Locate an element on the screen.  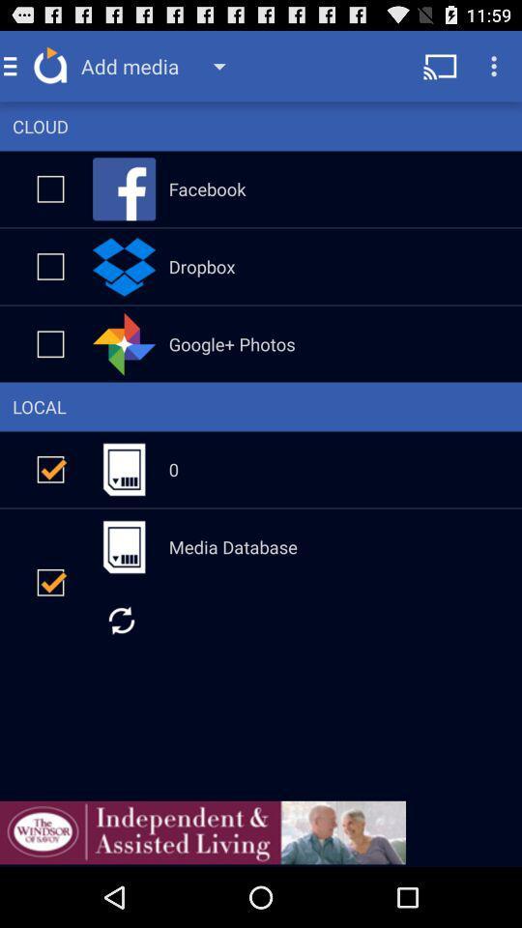
option is located at coordinates (50, 581).